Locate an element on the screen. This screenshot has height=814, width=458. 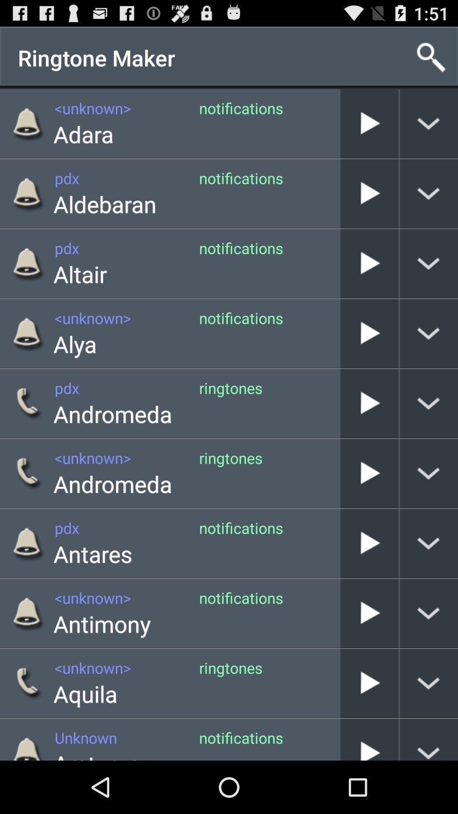
view details is located at coordinates (429, 403).